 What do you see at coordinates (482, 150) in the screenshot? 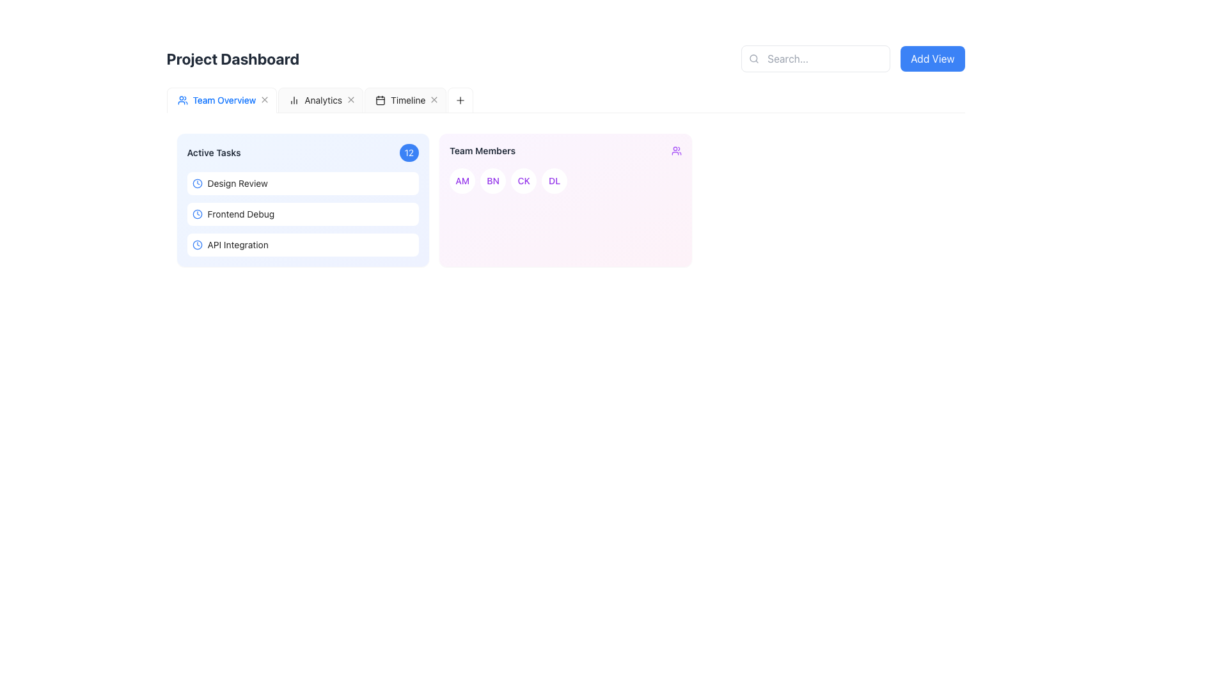
I see `the 'Team Members' text label, which is styled with a bold font and dark gray color, located at the top of a light pink card` at bounding box center [482, 150].